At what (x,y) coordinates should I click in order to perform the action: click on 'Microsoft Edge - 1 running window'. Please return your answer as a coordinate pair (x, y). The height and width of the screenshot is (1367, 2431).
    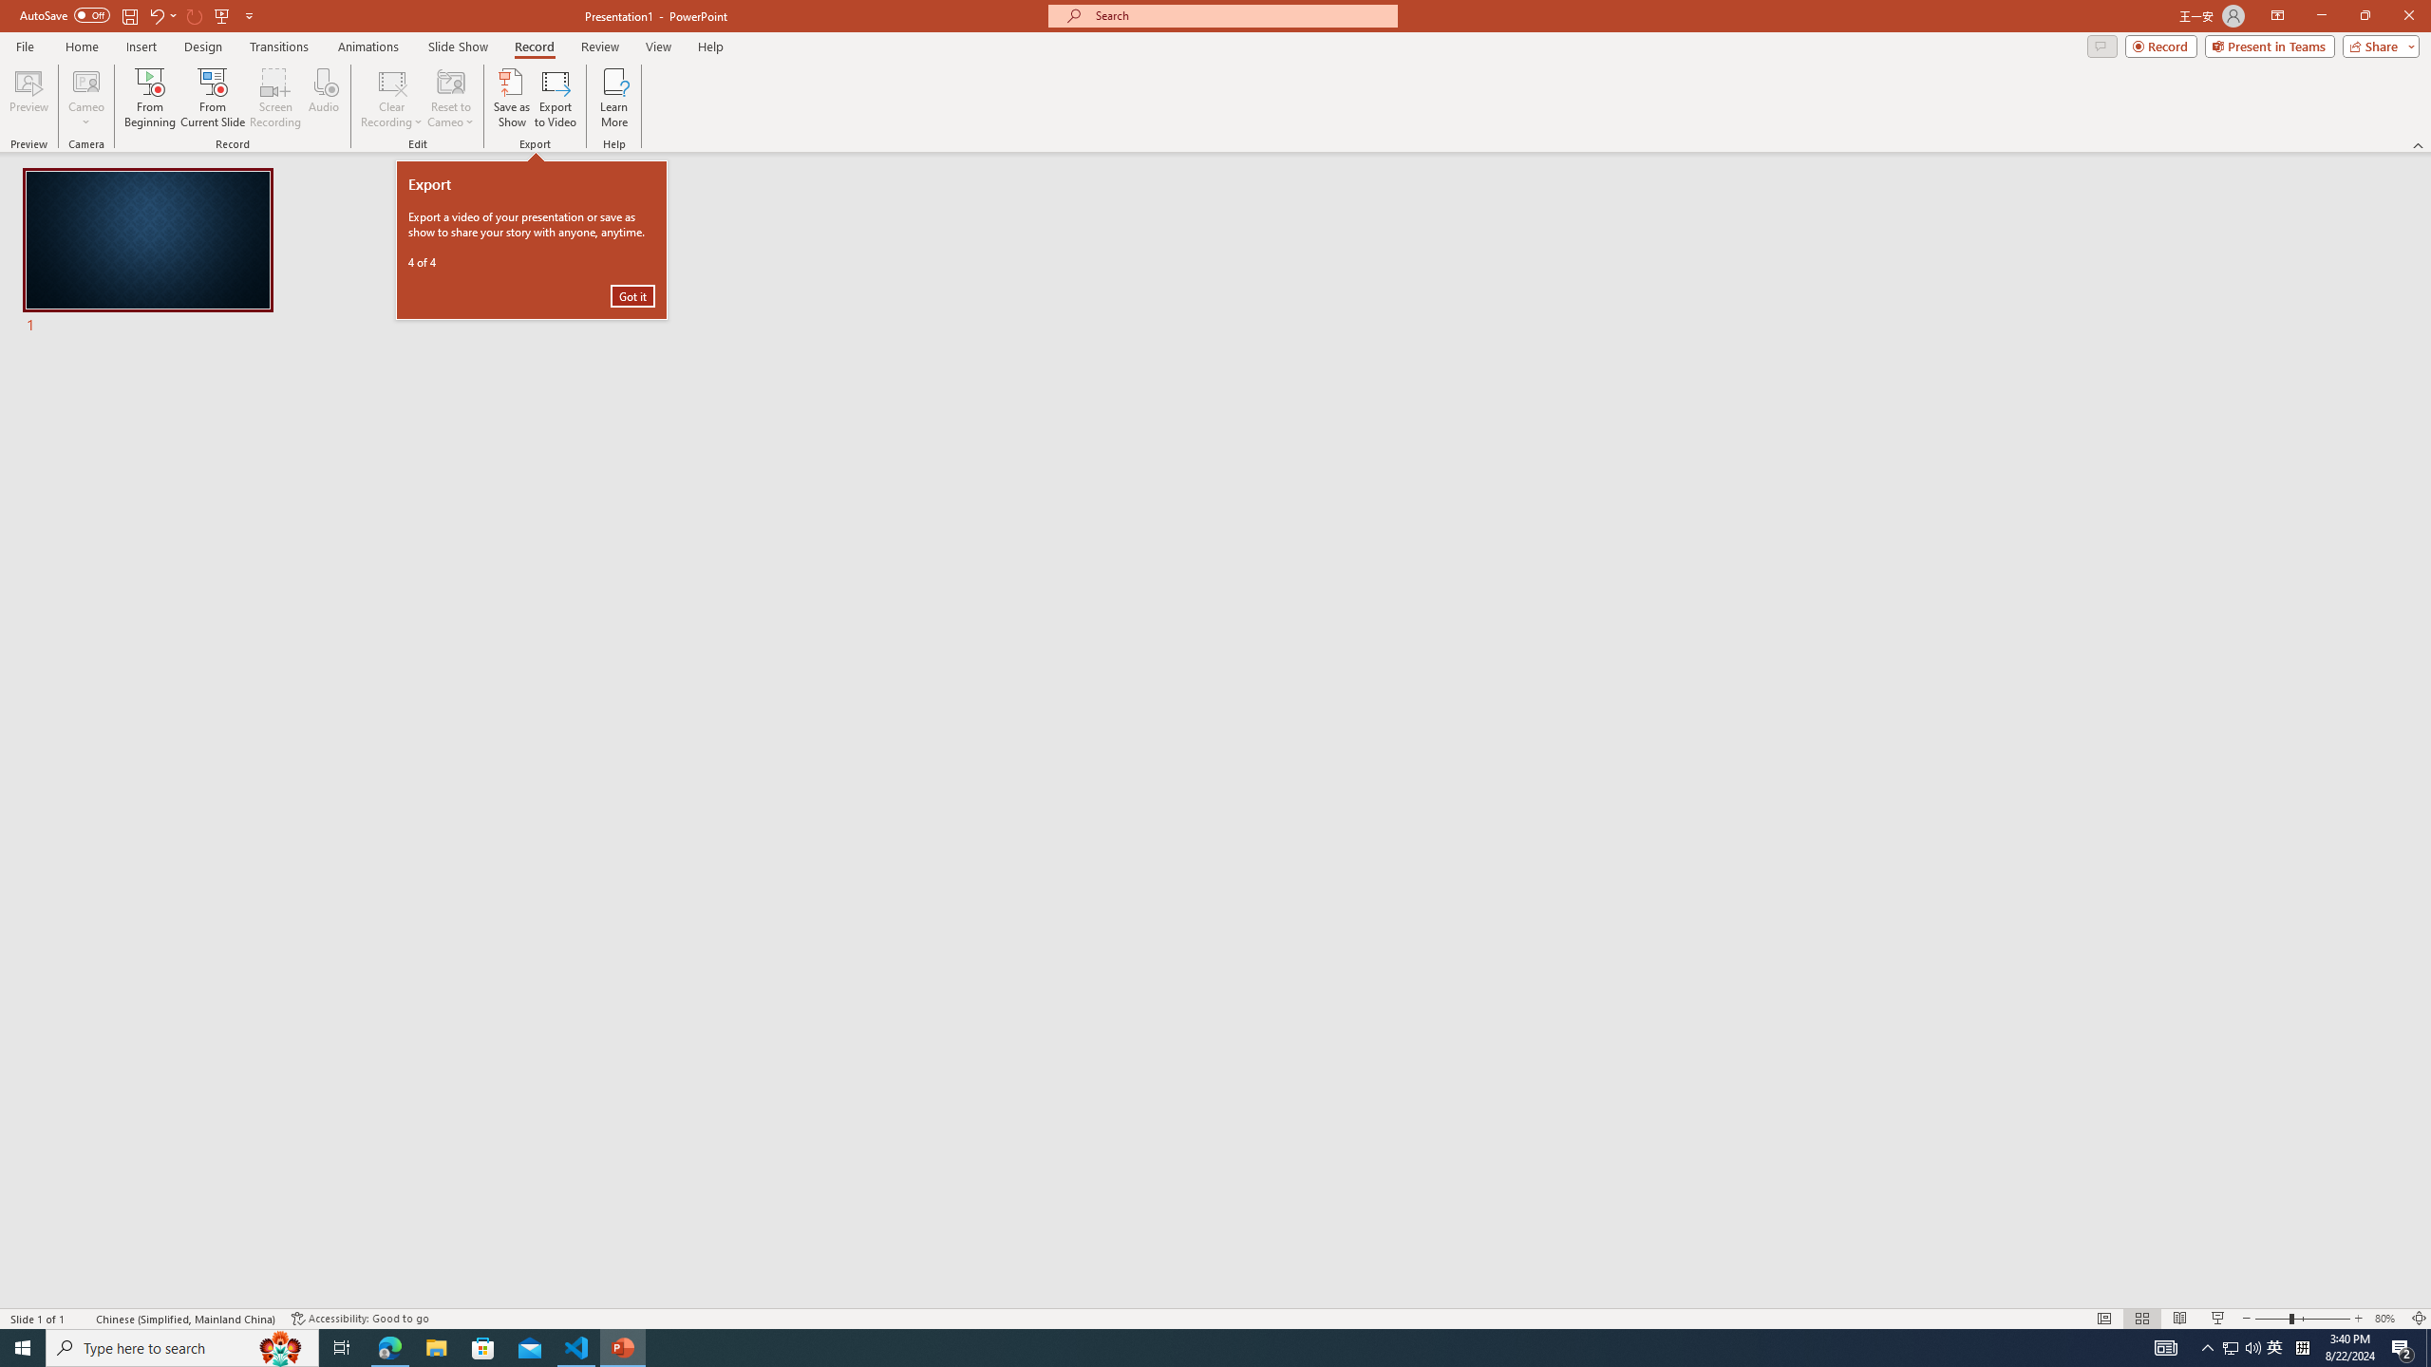
    Looking at the image, I should click on (388, 1346).